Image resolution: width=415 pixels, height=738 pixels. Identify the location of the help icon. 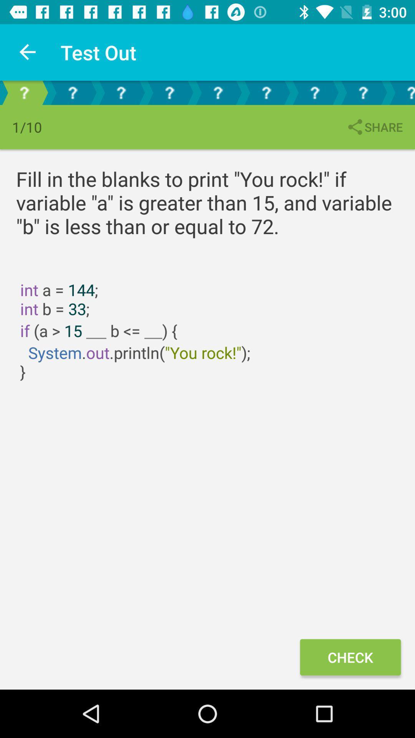
(121, 92).